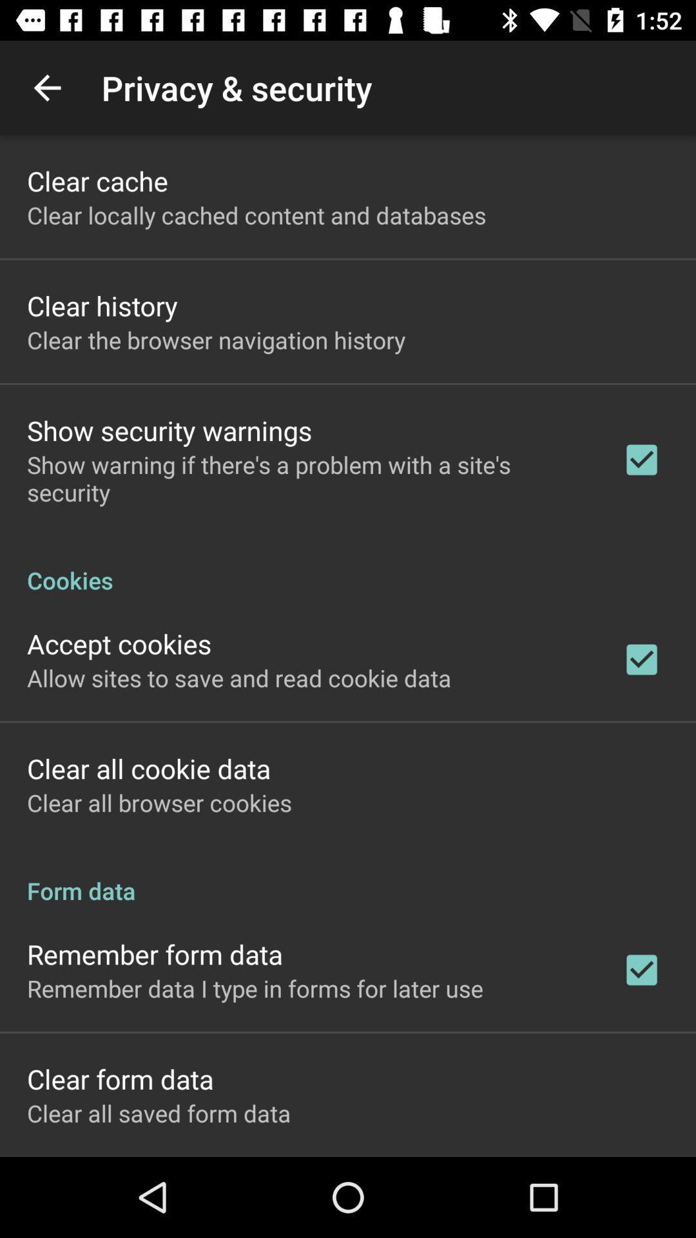 The image size is (696, 1238). What do you see at coordinates (307, 478) in the screenshot?
I see `the show warning if app` at bounding box center [307, 478].